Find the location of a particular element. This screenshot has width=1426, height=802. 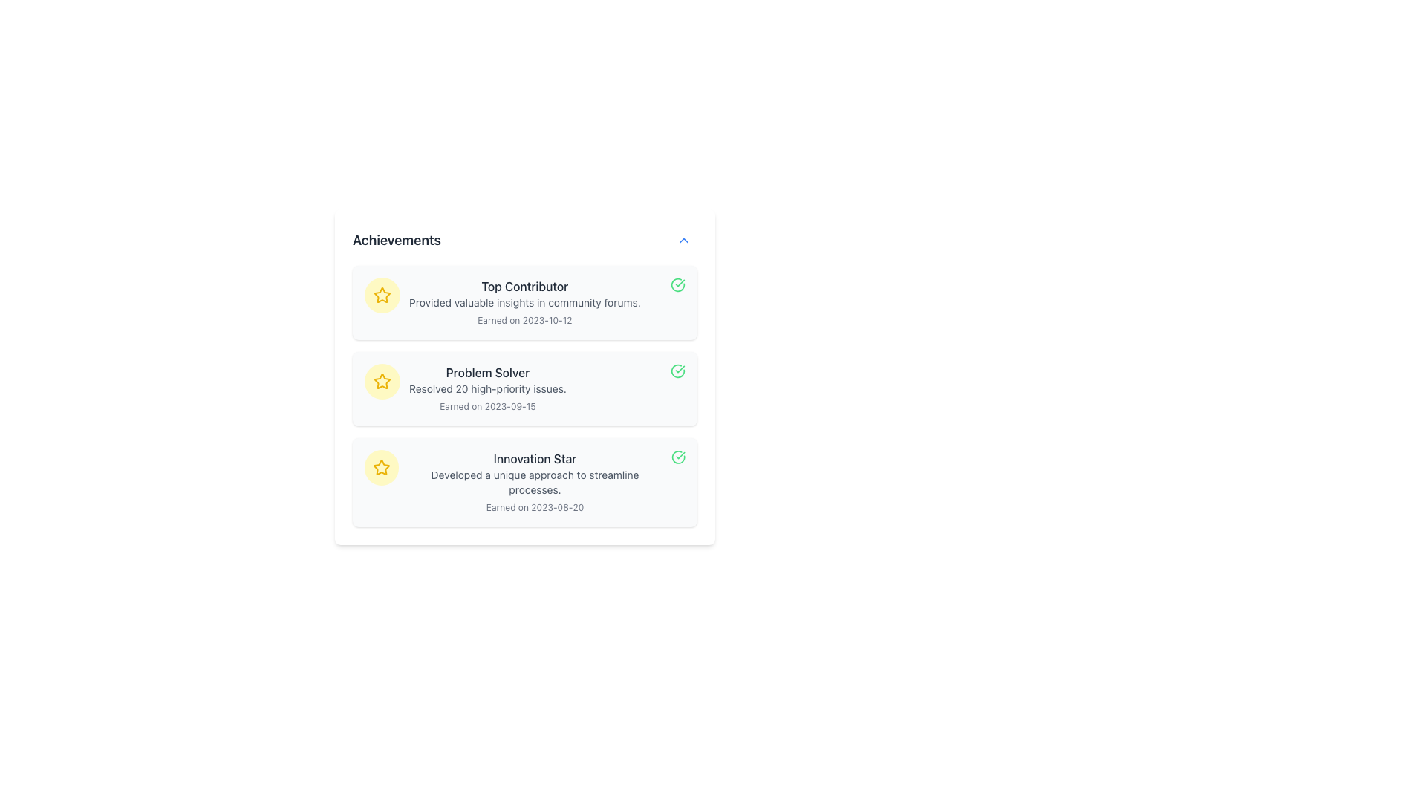

the small upward-pointing chevron icon styled in blue located in the upper right corner of the achievements card is located at coordinates (683, 240).